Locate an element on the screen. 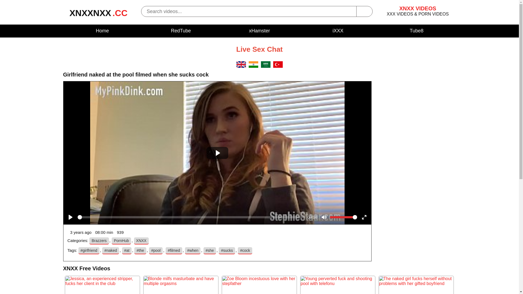  '#at' is located at coordinates (126, 251).